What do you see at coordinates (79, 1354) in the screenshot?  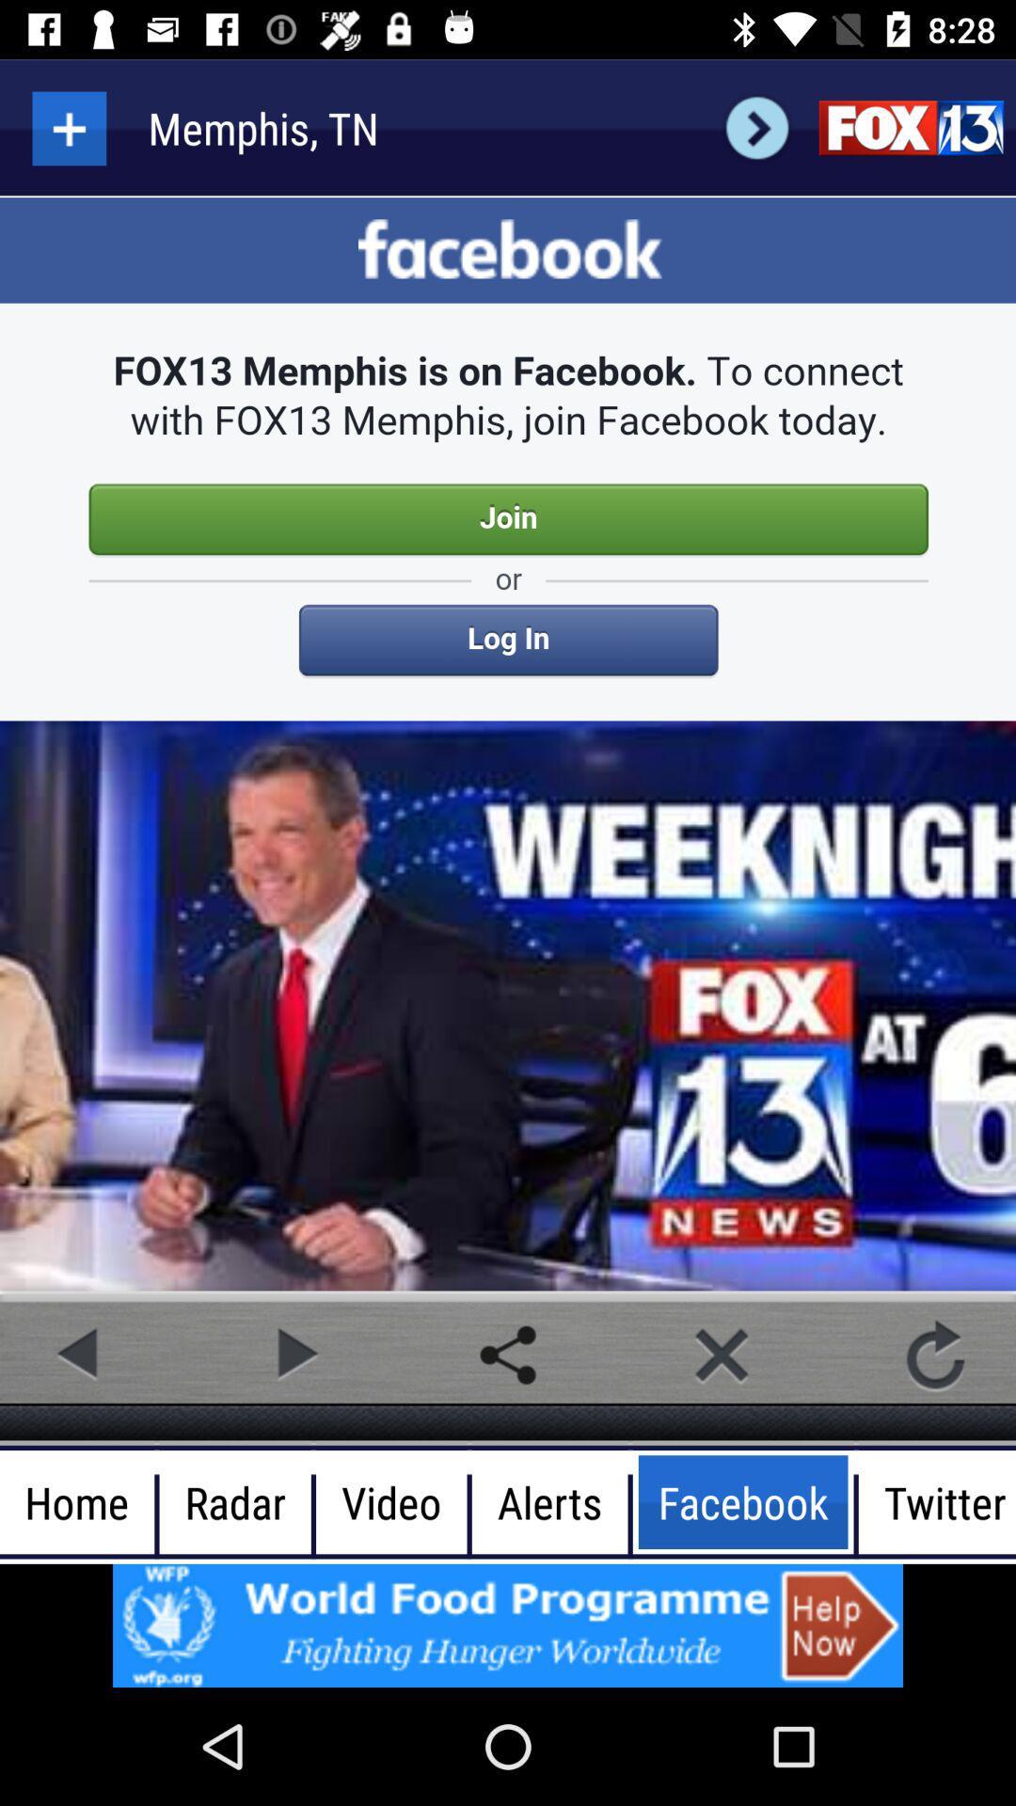 I see `going back to the previous page` at bounding box center [79, 1354].